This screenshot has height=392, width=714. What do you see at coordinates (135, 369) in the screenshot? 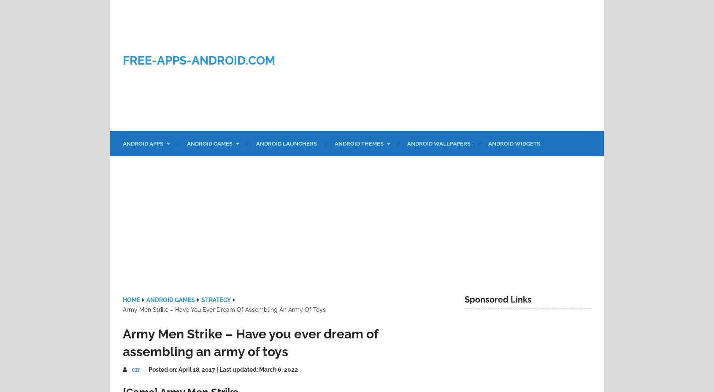
I see `'czr'` at bounding box center [135, 369].